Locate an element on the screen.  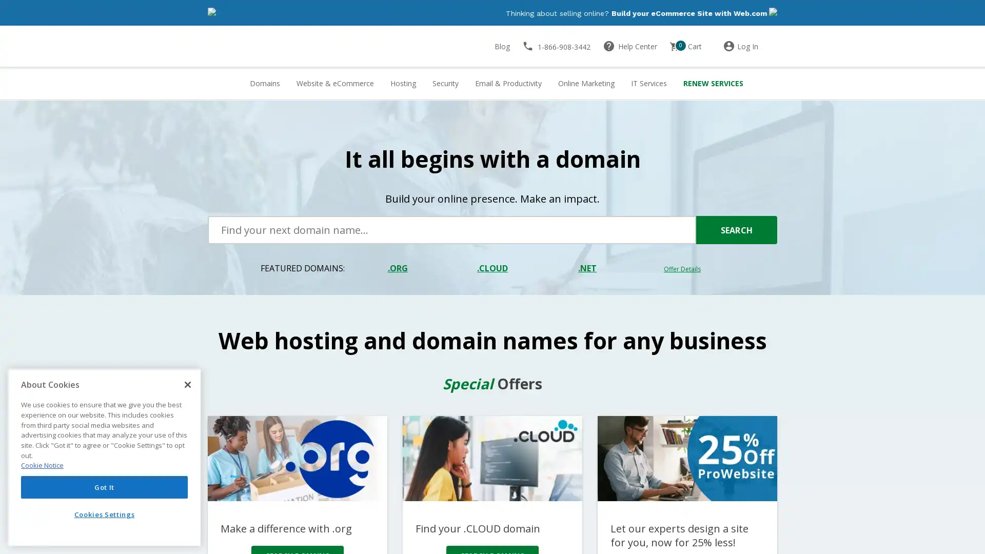
Offer Details is located at coordinates (682, 269).